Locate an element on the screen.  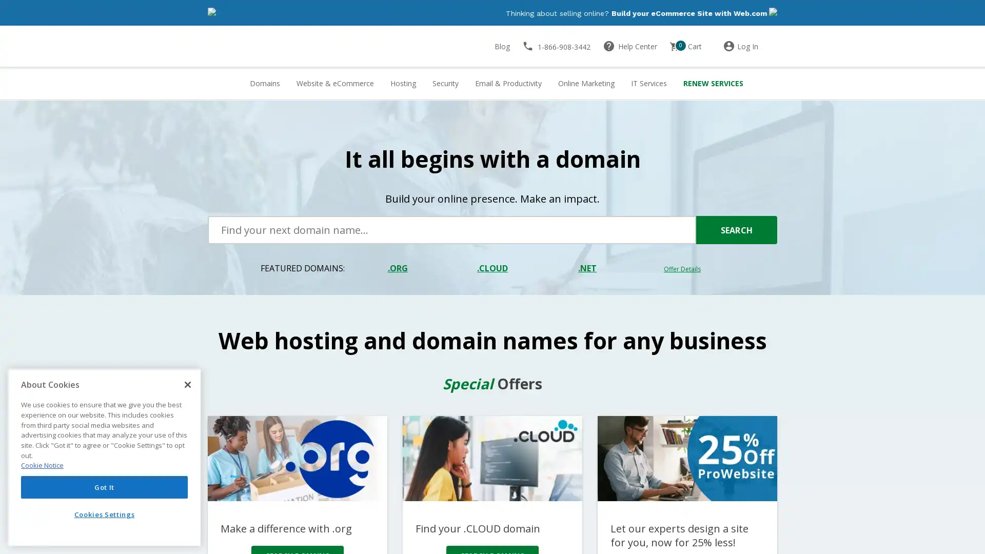
Offer Details is located at coordinates (682, 269).